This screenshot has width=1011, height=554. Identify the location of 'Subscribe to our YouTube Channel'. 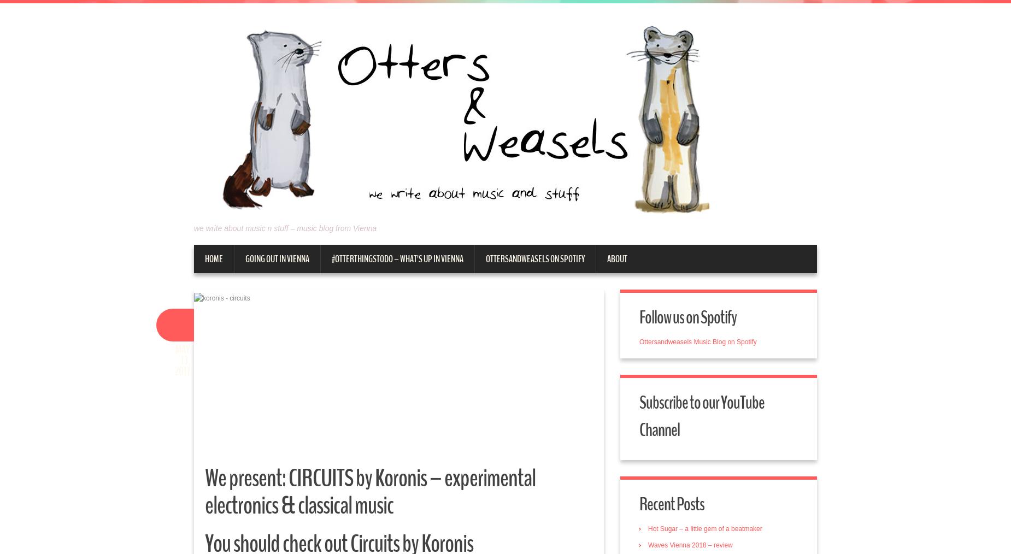
(701, 416).